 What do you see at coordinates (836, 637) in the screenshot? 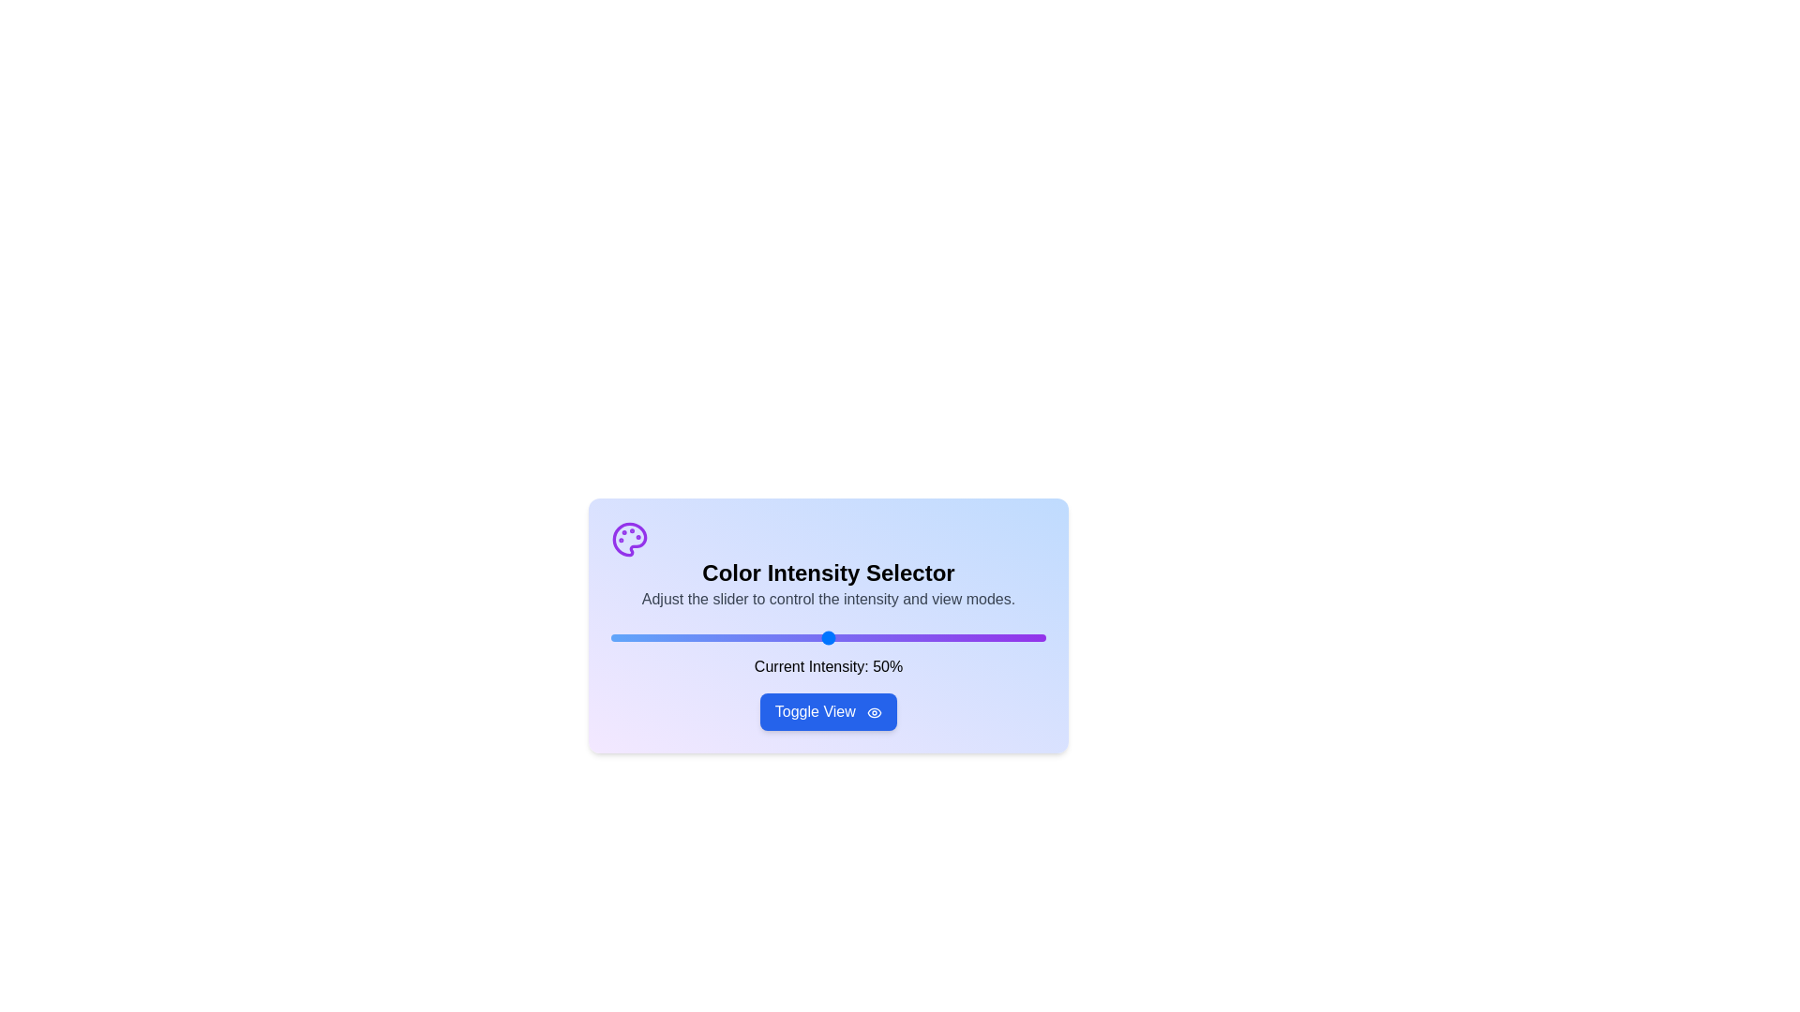
I see `the slider to set the intensity to 52%` at bounding box center [836, 637].